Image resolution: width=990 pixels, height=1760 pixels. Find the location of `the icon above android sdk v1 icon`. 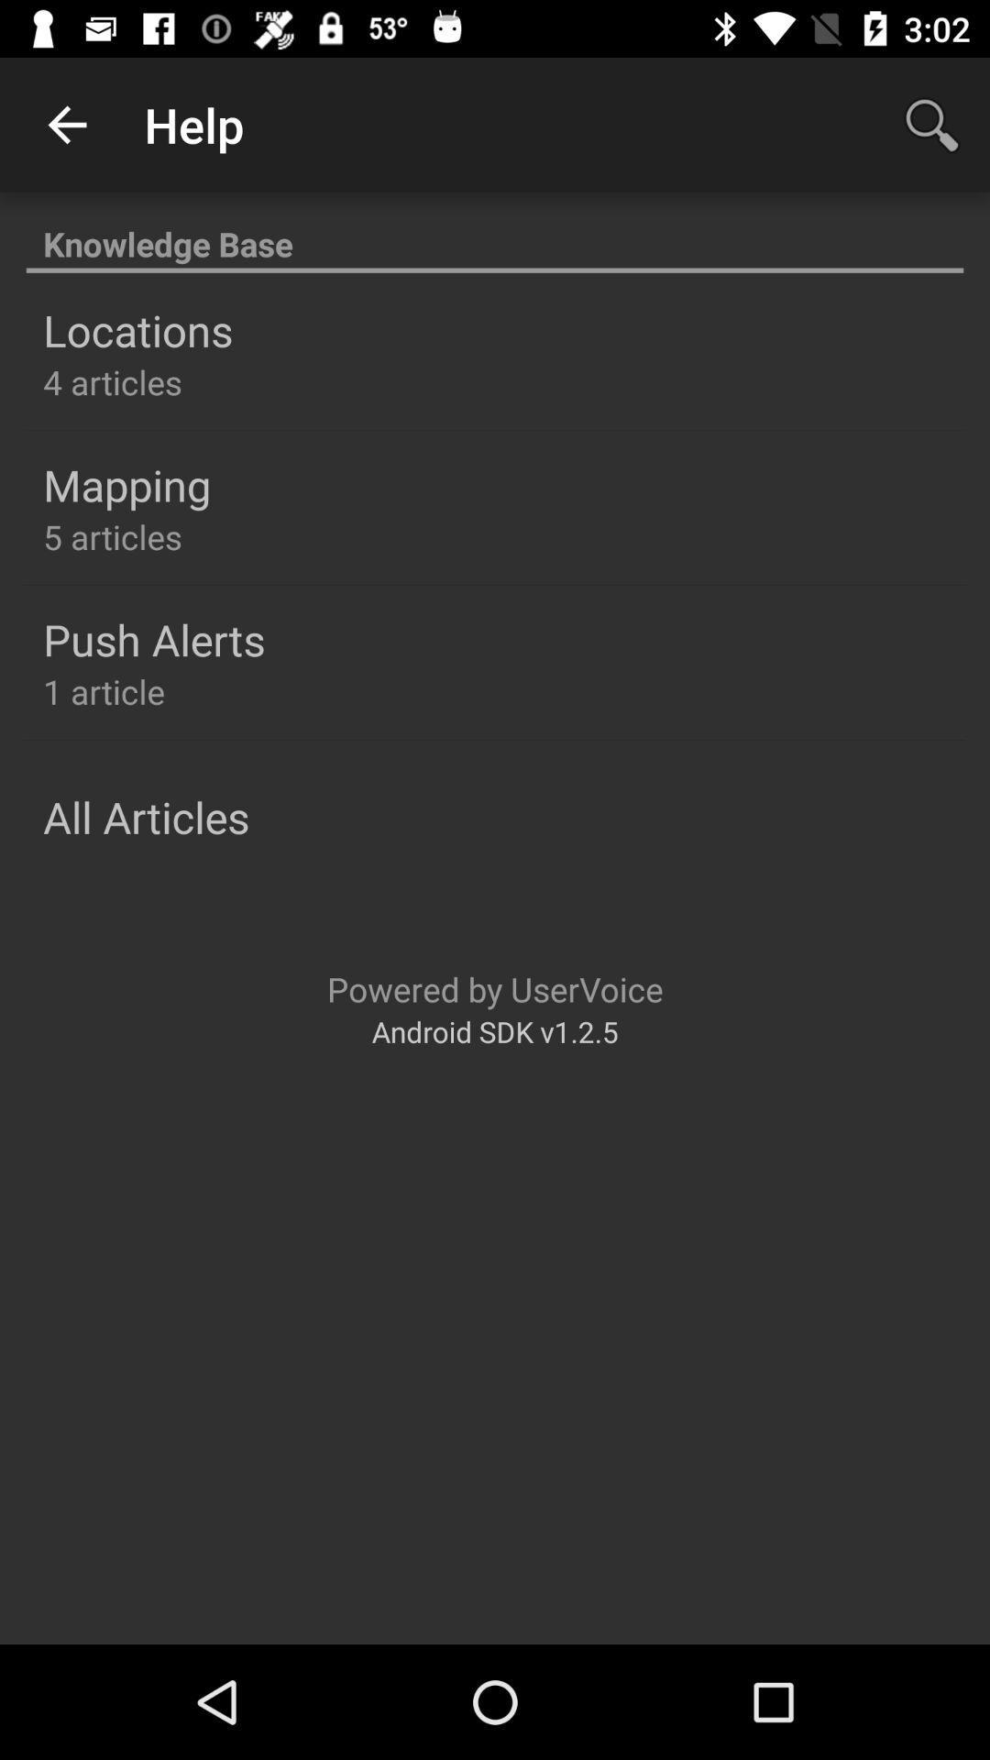

the icon above android sdk v1 icon is located at coordinates (495, 988).